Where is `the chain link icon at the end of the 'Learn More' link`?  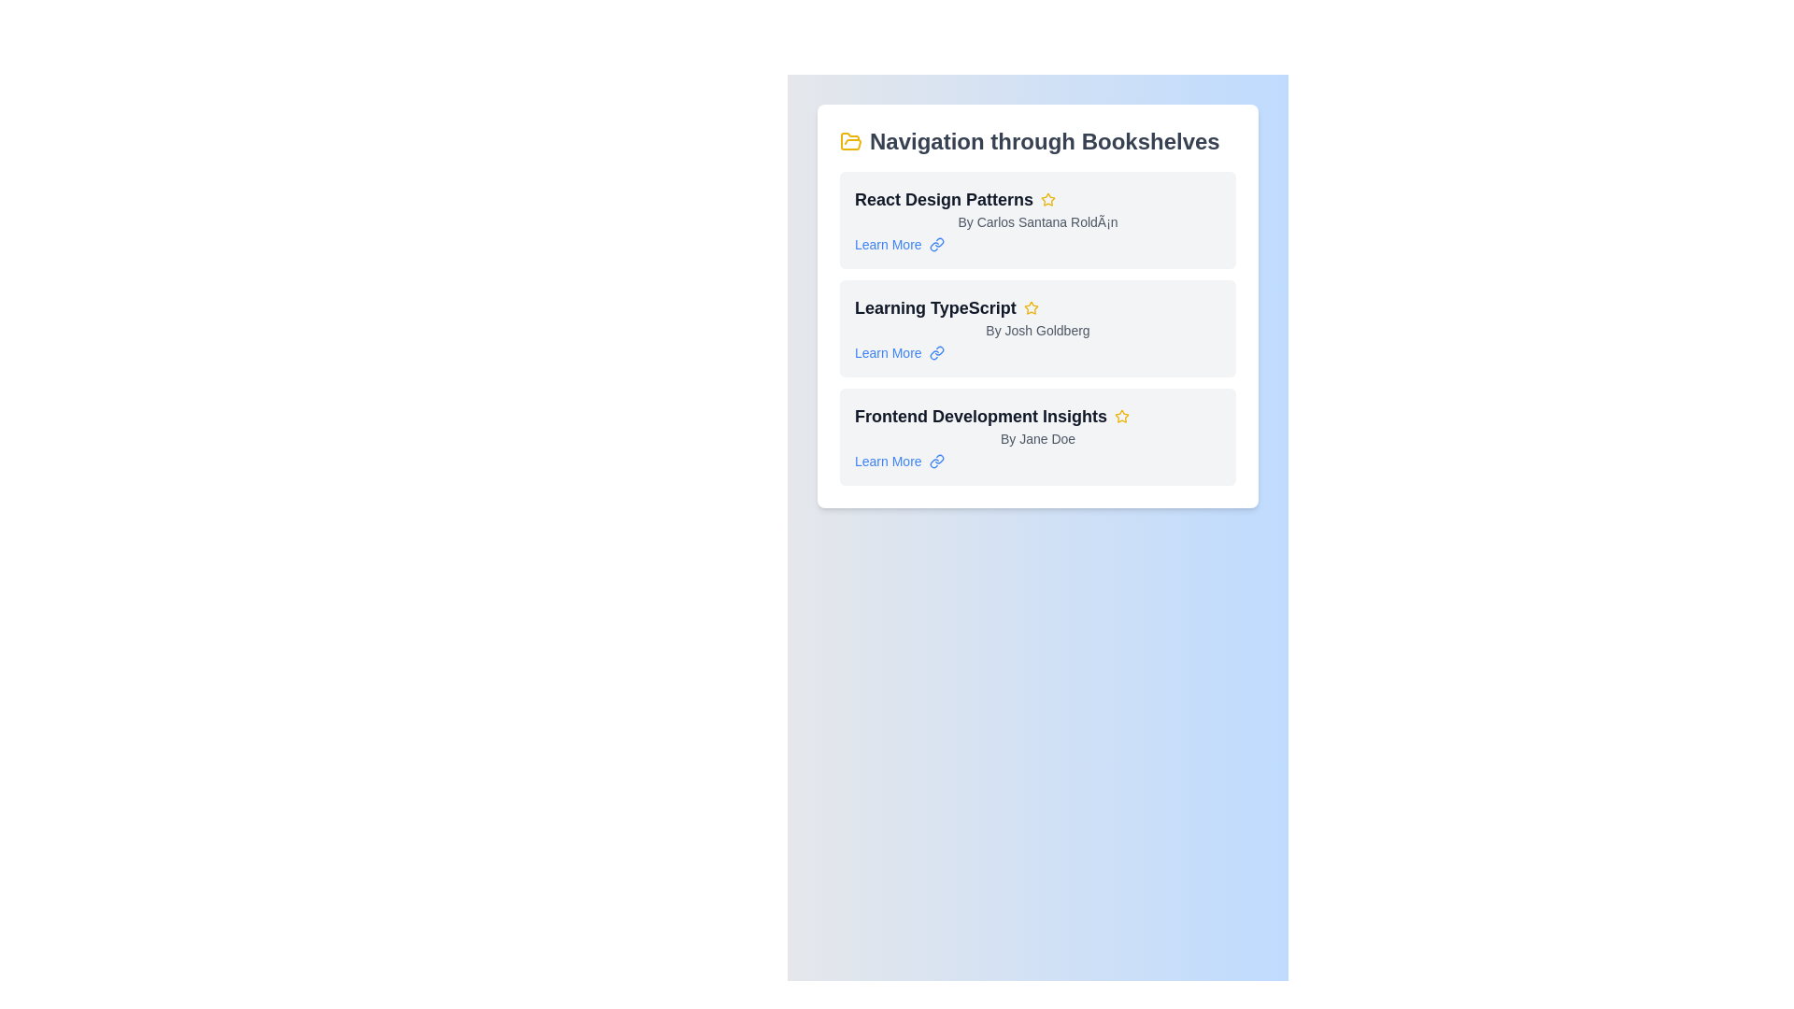
the chain link icon at the end of the 'Learn More' link is located at coordinates (936, 353).